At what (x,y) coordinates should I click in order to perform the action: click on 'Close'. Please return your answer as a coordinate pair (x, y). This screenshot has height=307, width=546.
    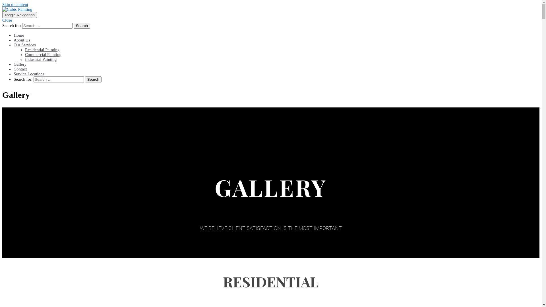
    Looking at the image, I should click on (2, 20).